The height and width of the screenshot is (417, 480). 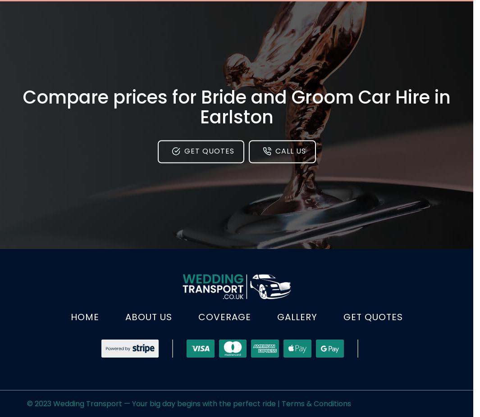 I want to click on 'Gallery', so click(x=276, y=317).